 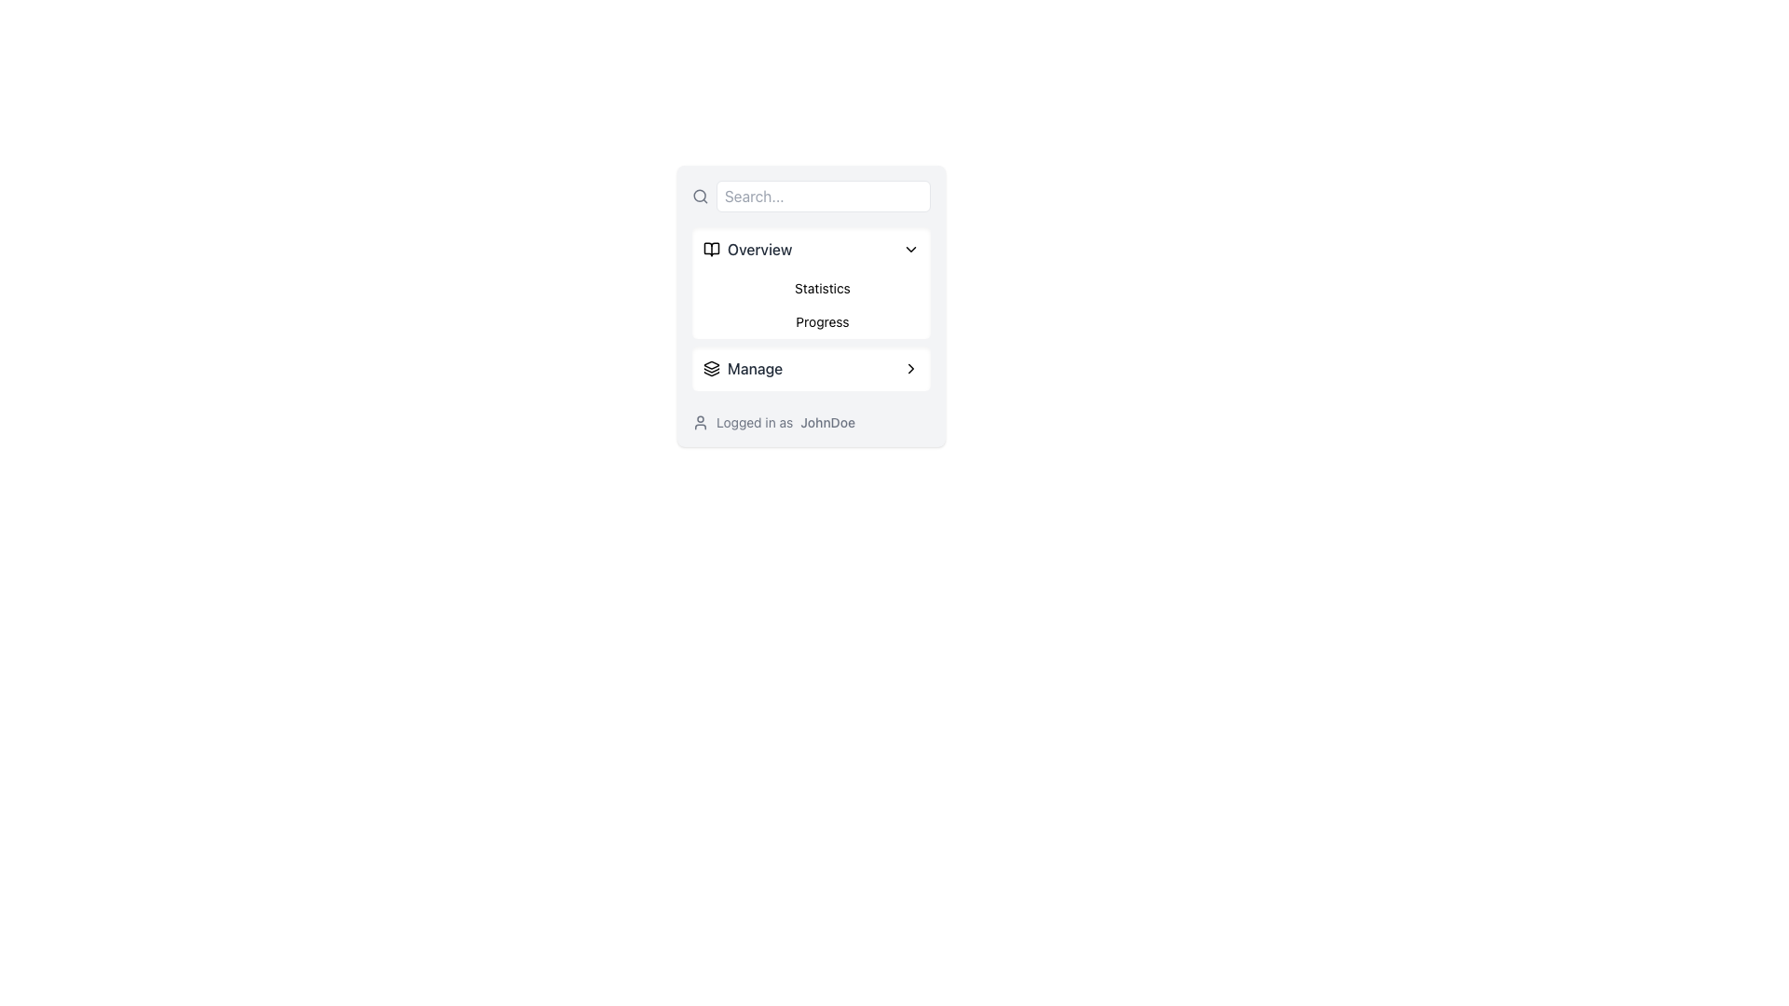 What do you see at coordinates (811, 369) in the screenshot?
I see `the second list item button in the vertical stack inside the light gray panel` at bounding box center [811, 369].